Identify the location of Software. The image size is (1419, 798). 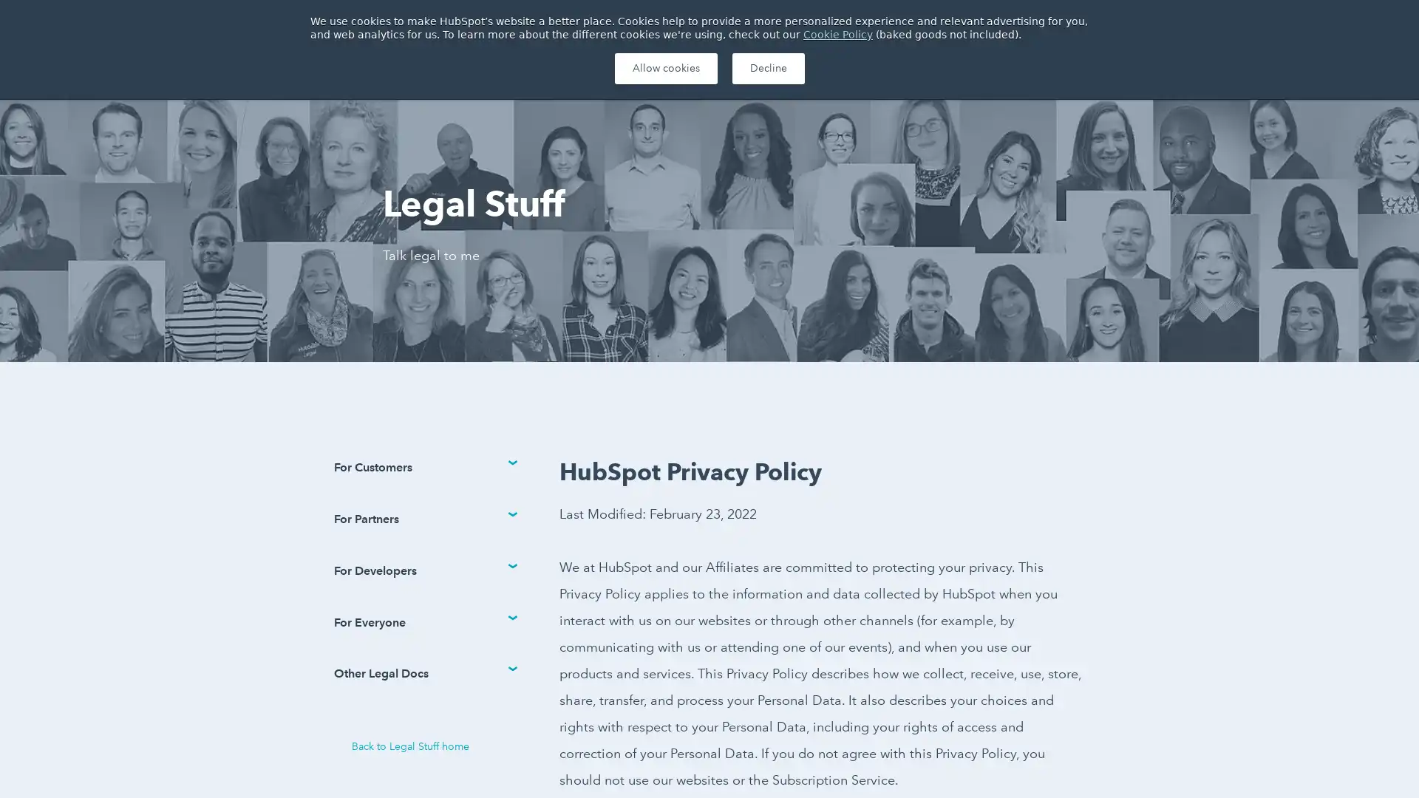
(477, 68).